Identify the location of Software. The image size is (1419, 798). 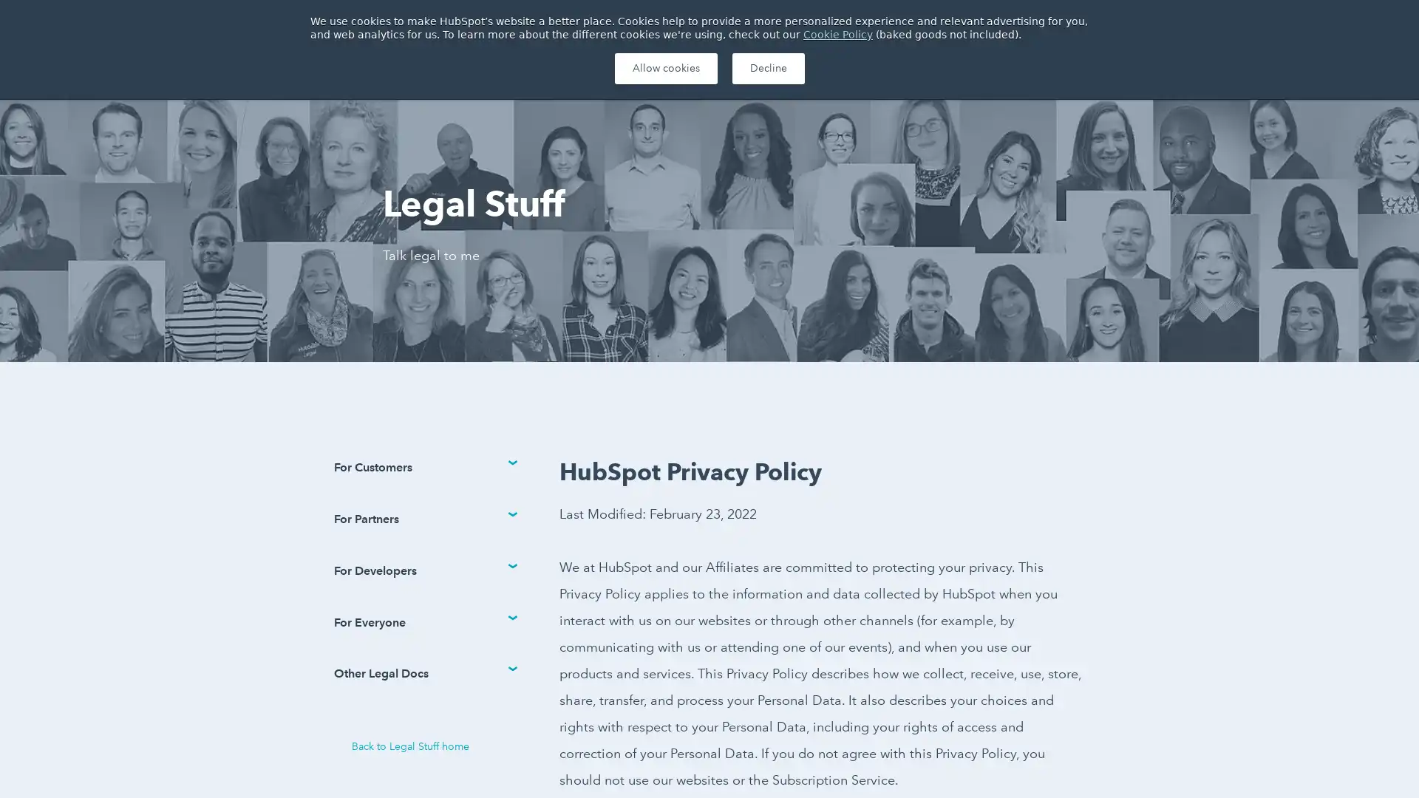
(477, 68).